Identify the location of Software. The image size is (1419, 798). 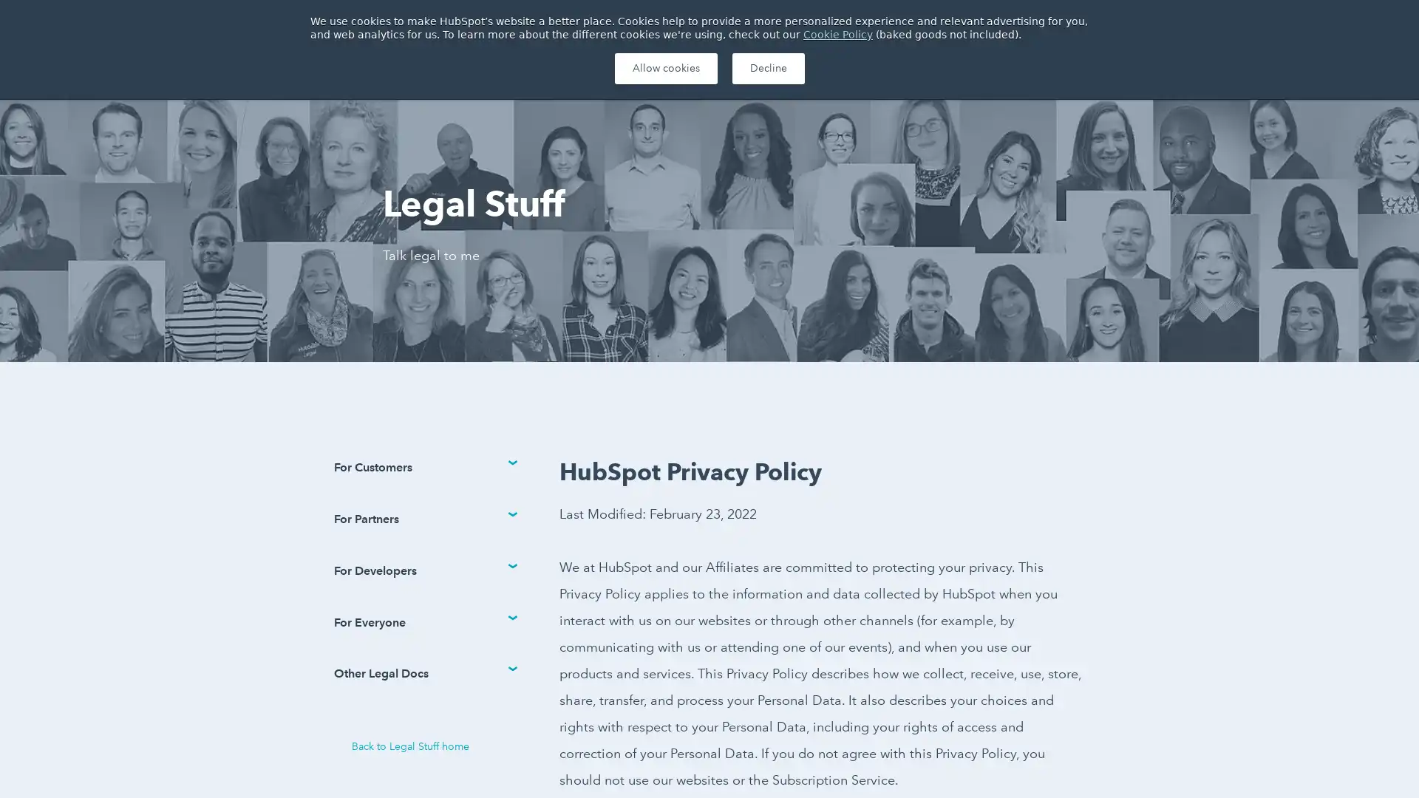
(477, 68).